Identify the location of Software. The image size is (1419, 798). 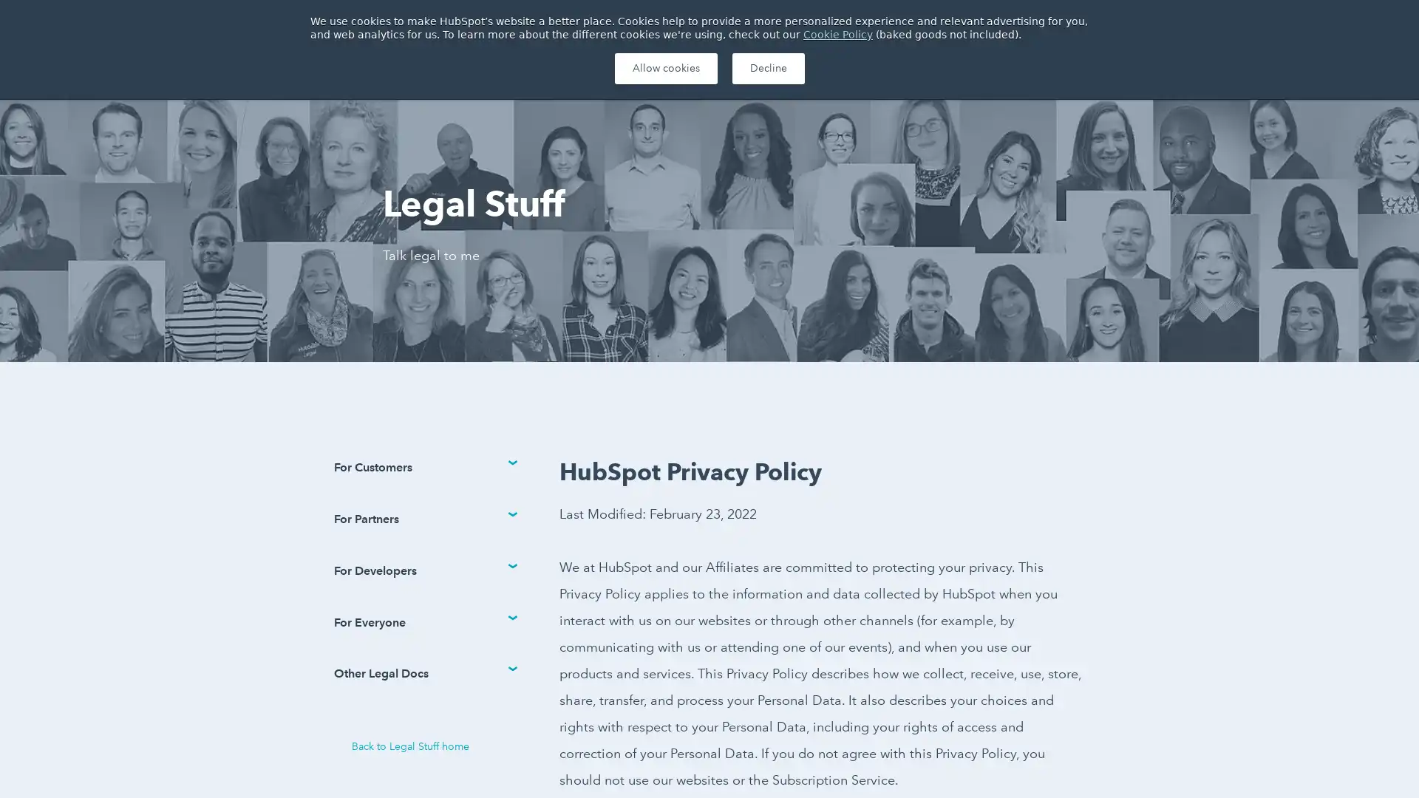
(477, 68).